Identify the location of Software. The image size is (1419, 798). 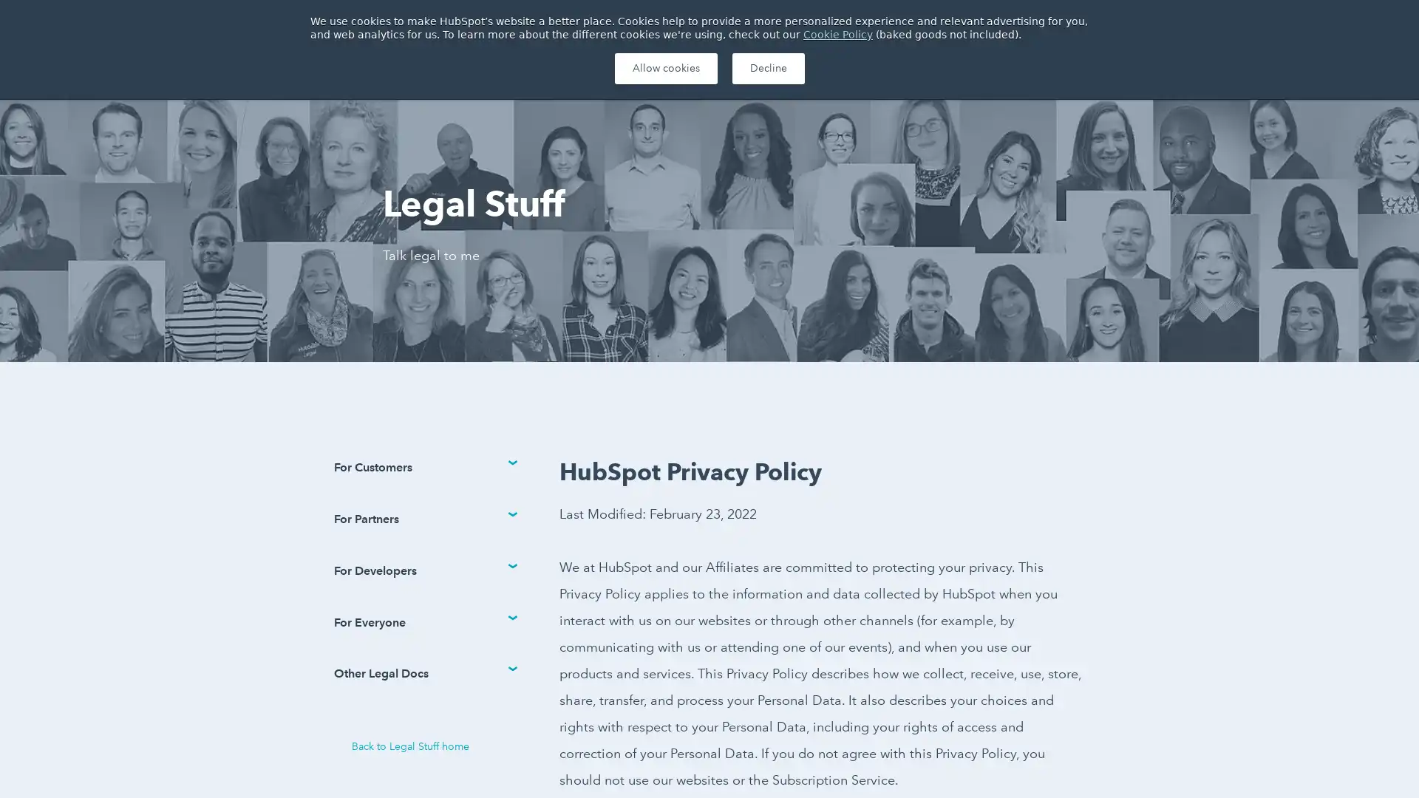
(477, 68).